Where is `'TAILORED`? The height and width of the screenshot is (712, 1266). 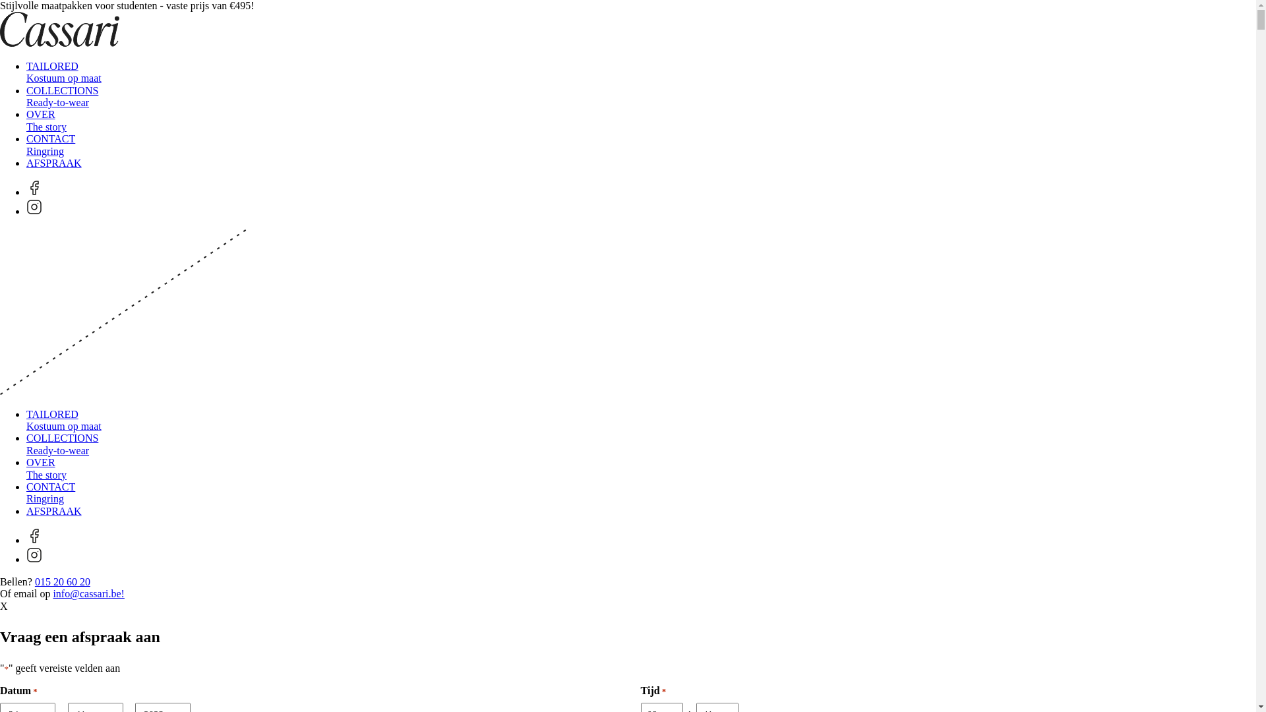
'TAILORED is located at coordinates (63, 72).